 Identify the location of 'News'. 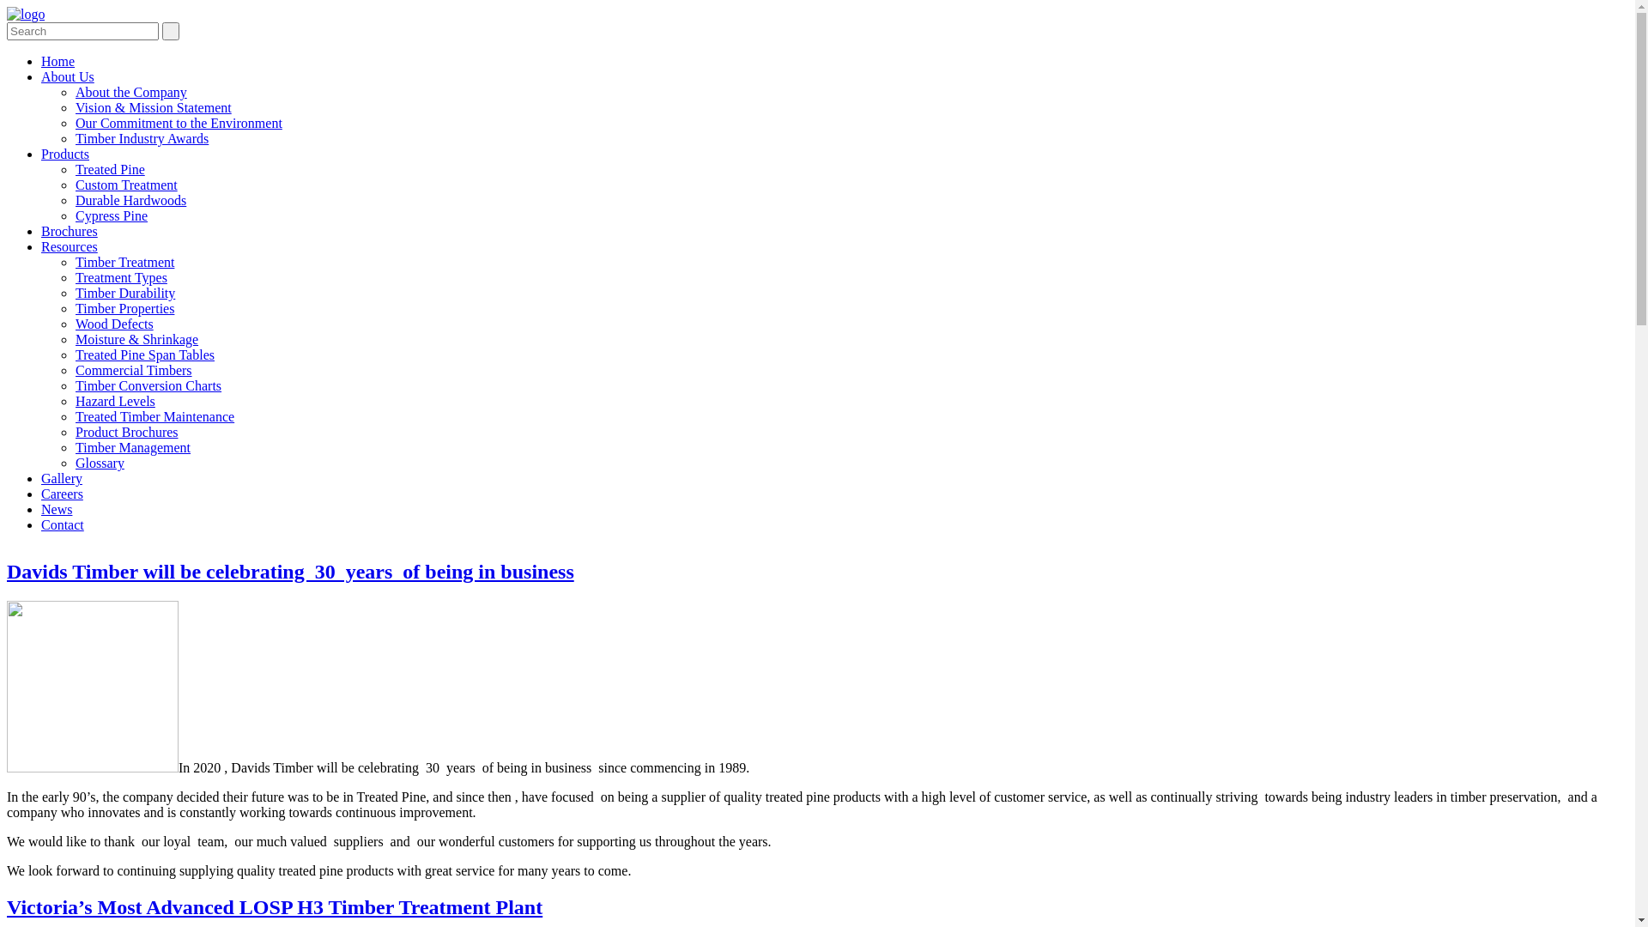
(57, 508).